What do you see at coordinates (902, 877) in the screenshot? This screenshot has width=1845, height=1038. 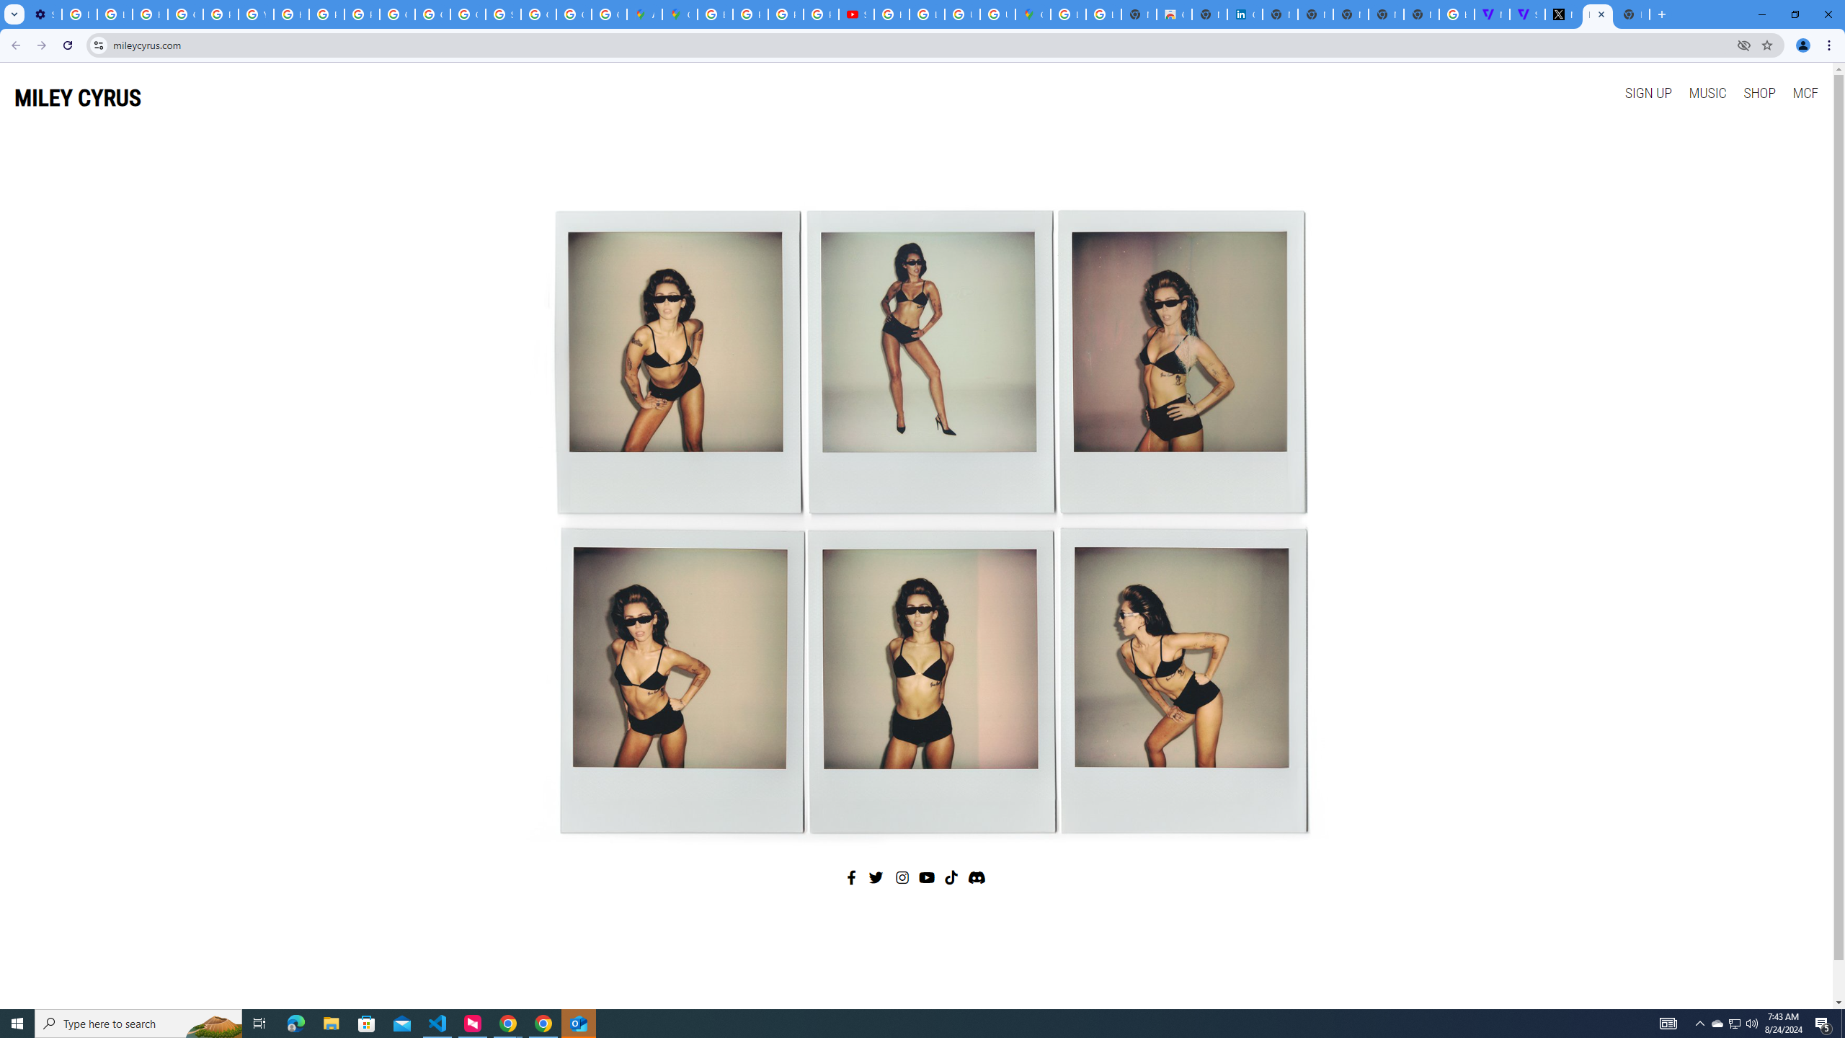 I see `'Instagram'` at bounding box center [902, 877].